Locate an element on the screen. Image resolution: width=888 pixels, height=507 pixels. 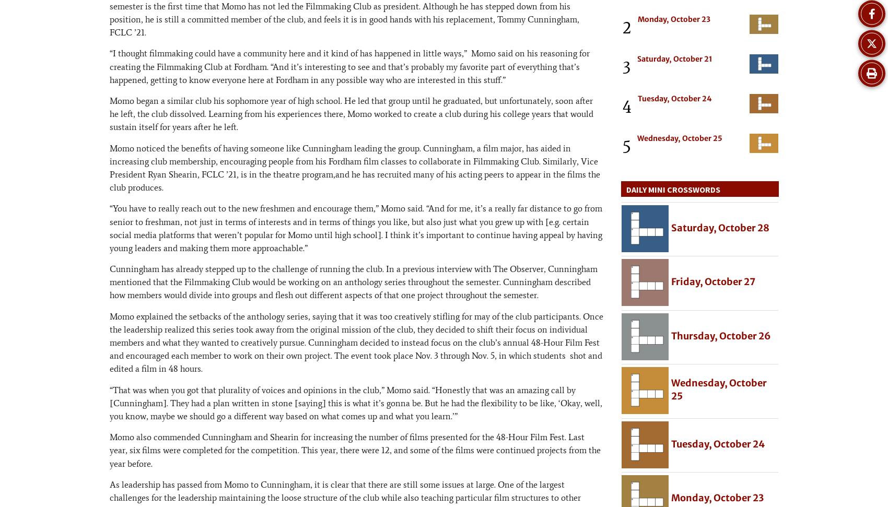
'“That was when you got that plurality of voices and opinions in the club,” Momo said. “Honestly that was an amazing call by [Cunningham]. They had a plan written in stone [saying] this is what it’s gonna be. But he had the flexibility to be like, ‘Okay, well, you know, maybe we should go a different way based on what comes up and what you learn.’”' is located at coordinates (356, 402).